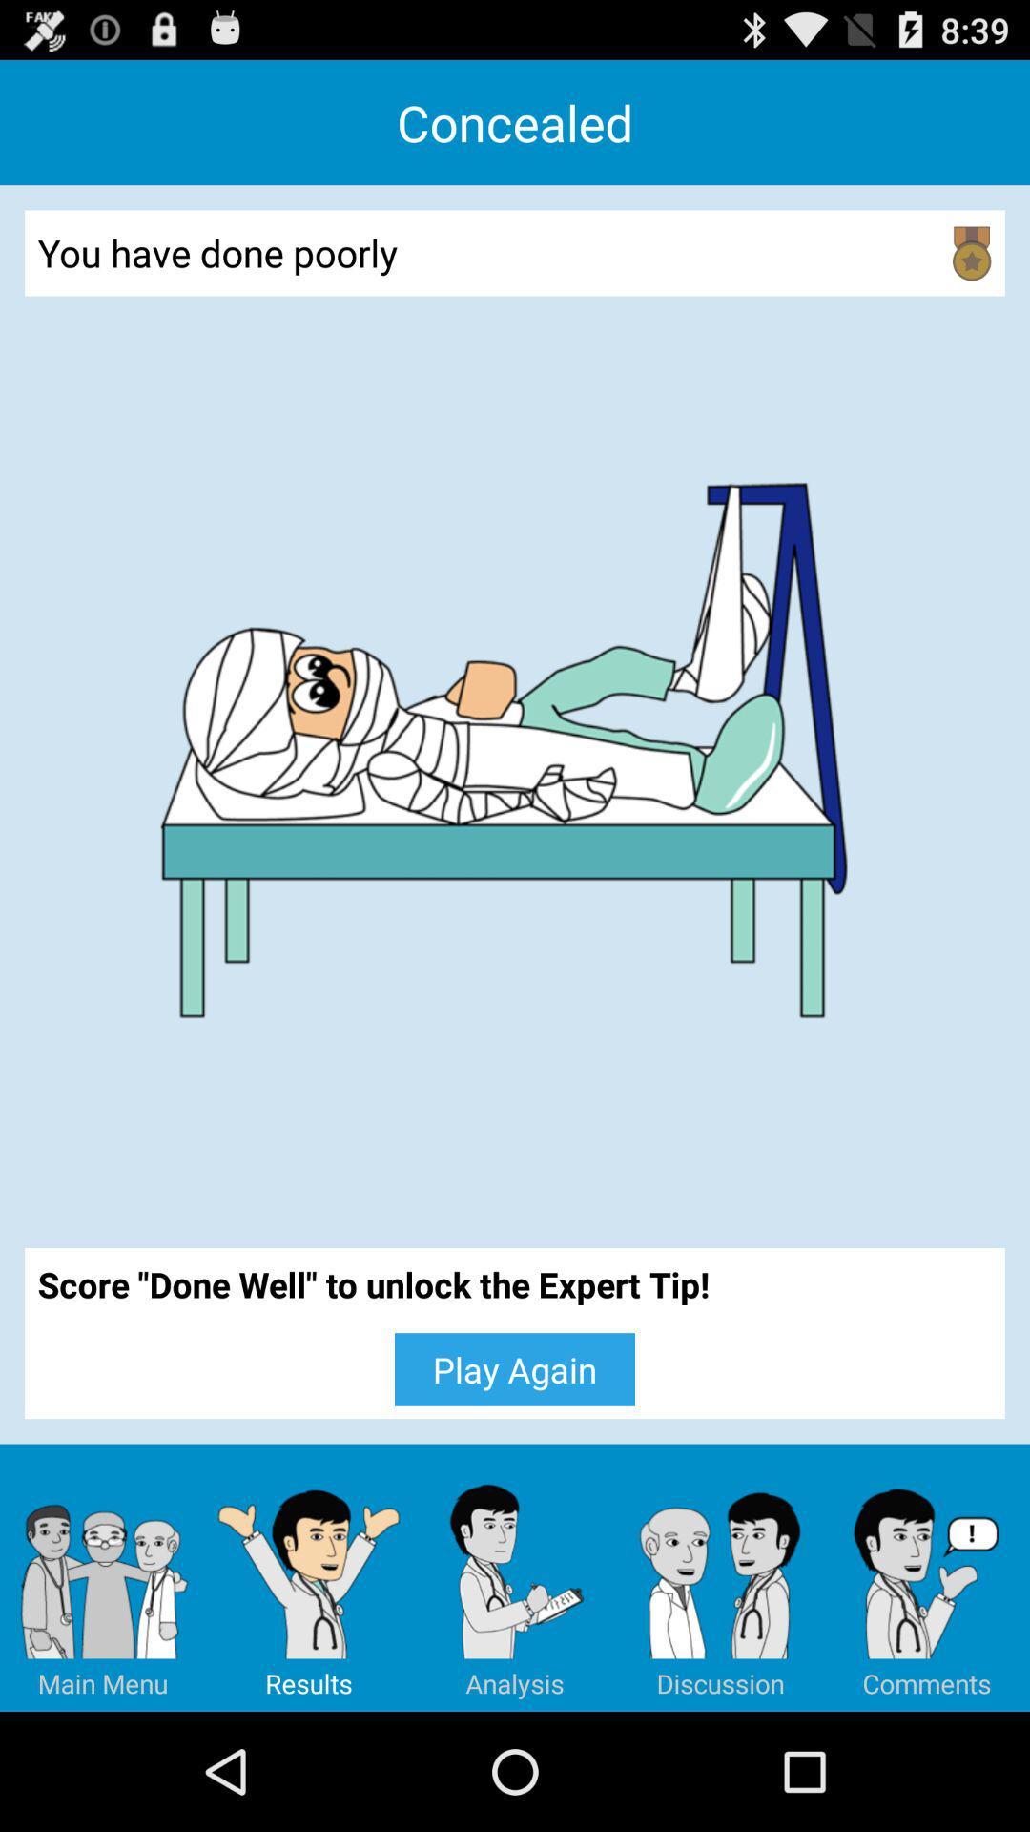 The height and width of the screenshot is (1832, 1030). Describe the element at coordinates (515, 1577) in the screenshot. I see `item below the play again item` at that location.